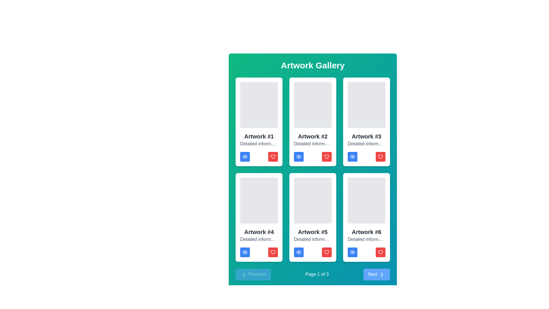 Image resolution: width=549 pixels, height=309 pixels. Describe the element at coordinates (273, 252) in the screenshot. I see `the icon button located in the bottom-right quadrant of the card labeled 'Artwork #5' to mark it as a favorite` at that location.